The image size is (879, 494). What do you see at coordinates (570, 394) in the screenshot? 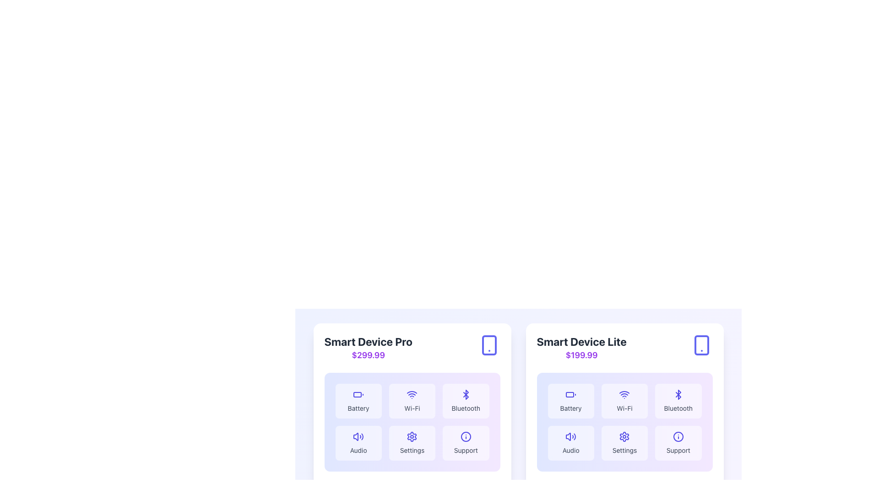
I see `the battery-like icon outlined in deep indigo color, located in the top left corner of the grid in the card titled 'Smart Device Lite', above the label 'Battery'` at bounding box center [570, 394].